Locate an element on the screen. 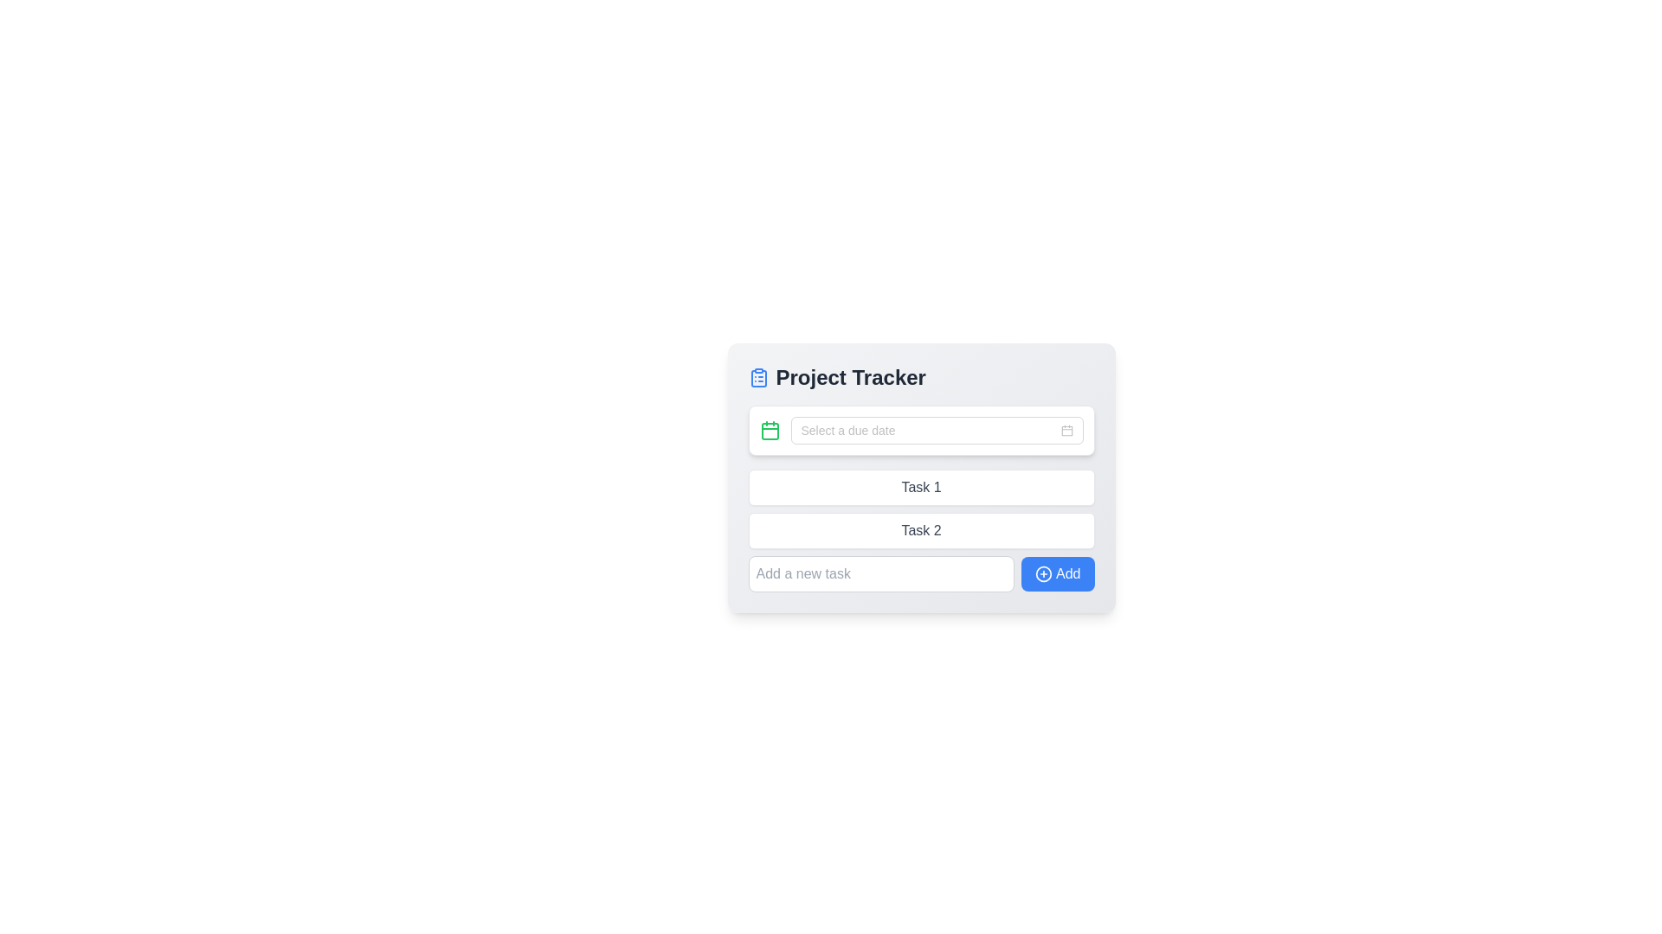 This screenshot has height=934, width=1662. the Text Display Box displaying 'Task 1' located between the 'Select a due date' input field and the 'Task 2' box in the project tracker widget is located at coordinates (920, 477).